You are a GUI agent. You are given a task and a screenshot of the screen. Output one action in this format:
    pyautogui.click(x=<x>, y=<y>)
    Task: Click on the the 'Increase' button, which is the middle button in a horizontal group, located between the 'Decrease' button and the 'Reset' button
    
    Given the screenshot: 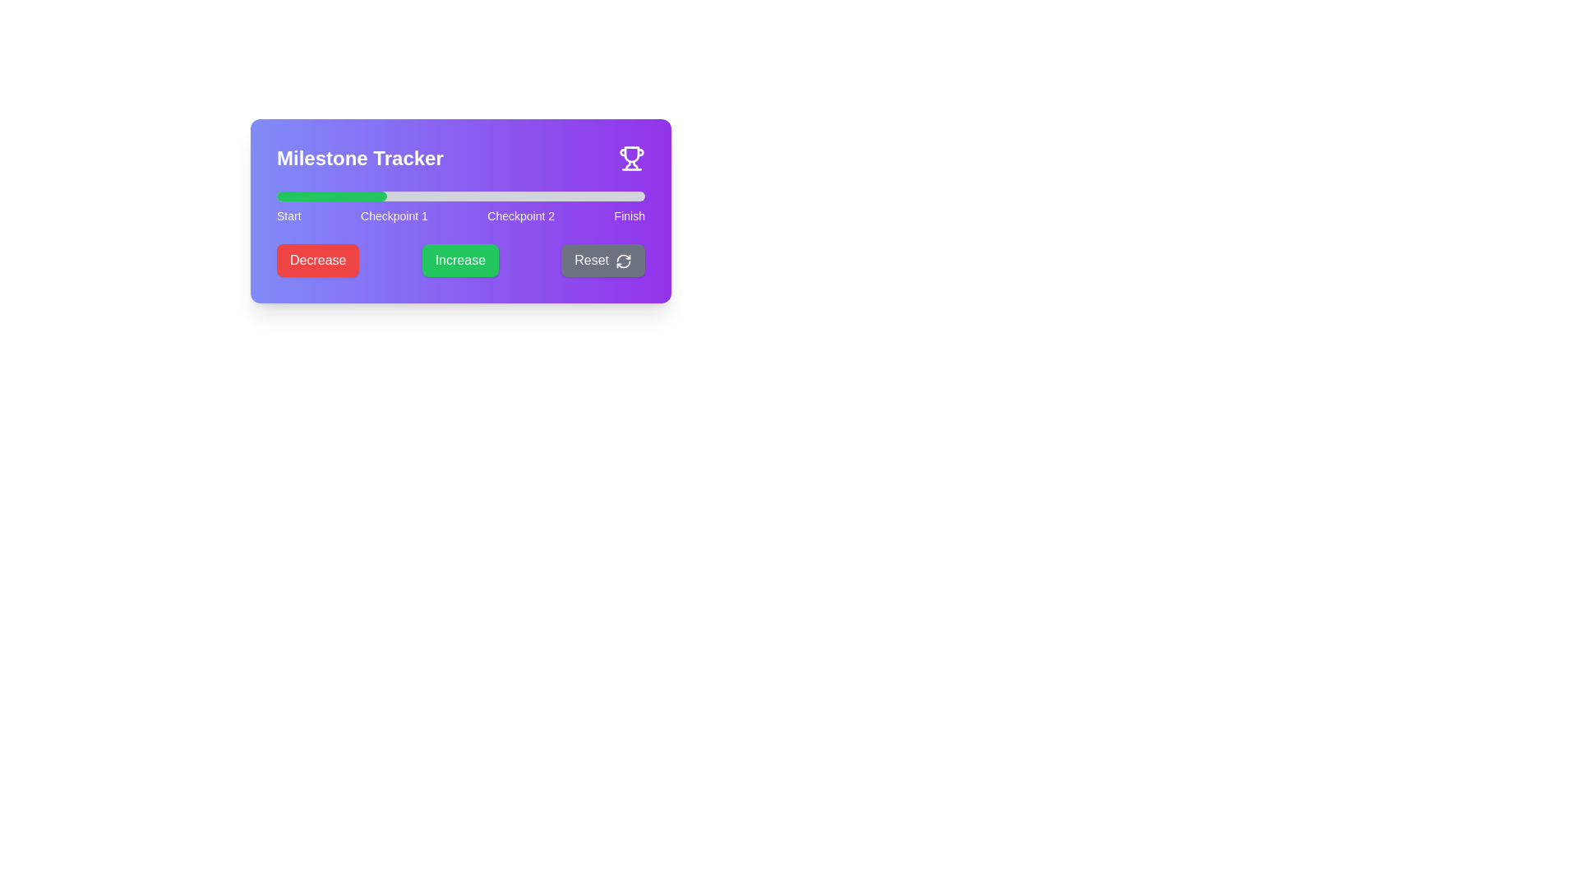 What is the action you would take?
    pyautogui.click(x=460, y=259)
    